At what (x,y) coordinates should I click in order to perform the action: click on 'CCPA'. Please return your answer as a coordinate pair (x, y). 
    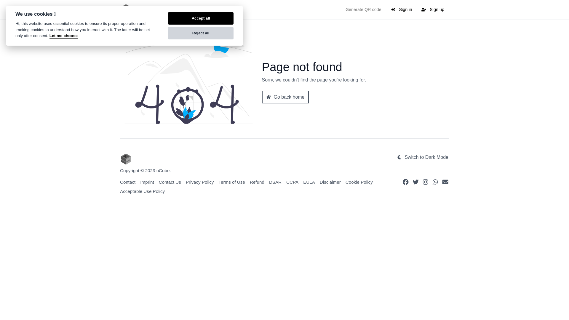
    Looking at the image, I should click on (292, 182).